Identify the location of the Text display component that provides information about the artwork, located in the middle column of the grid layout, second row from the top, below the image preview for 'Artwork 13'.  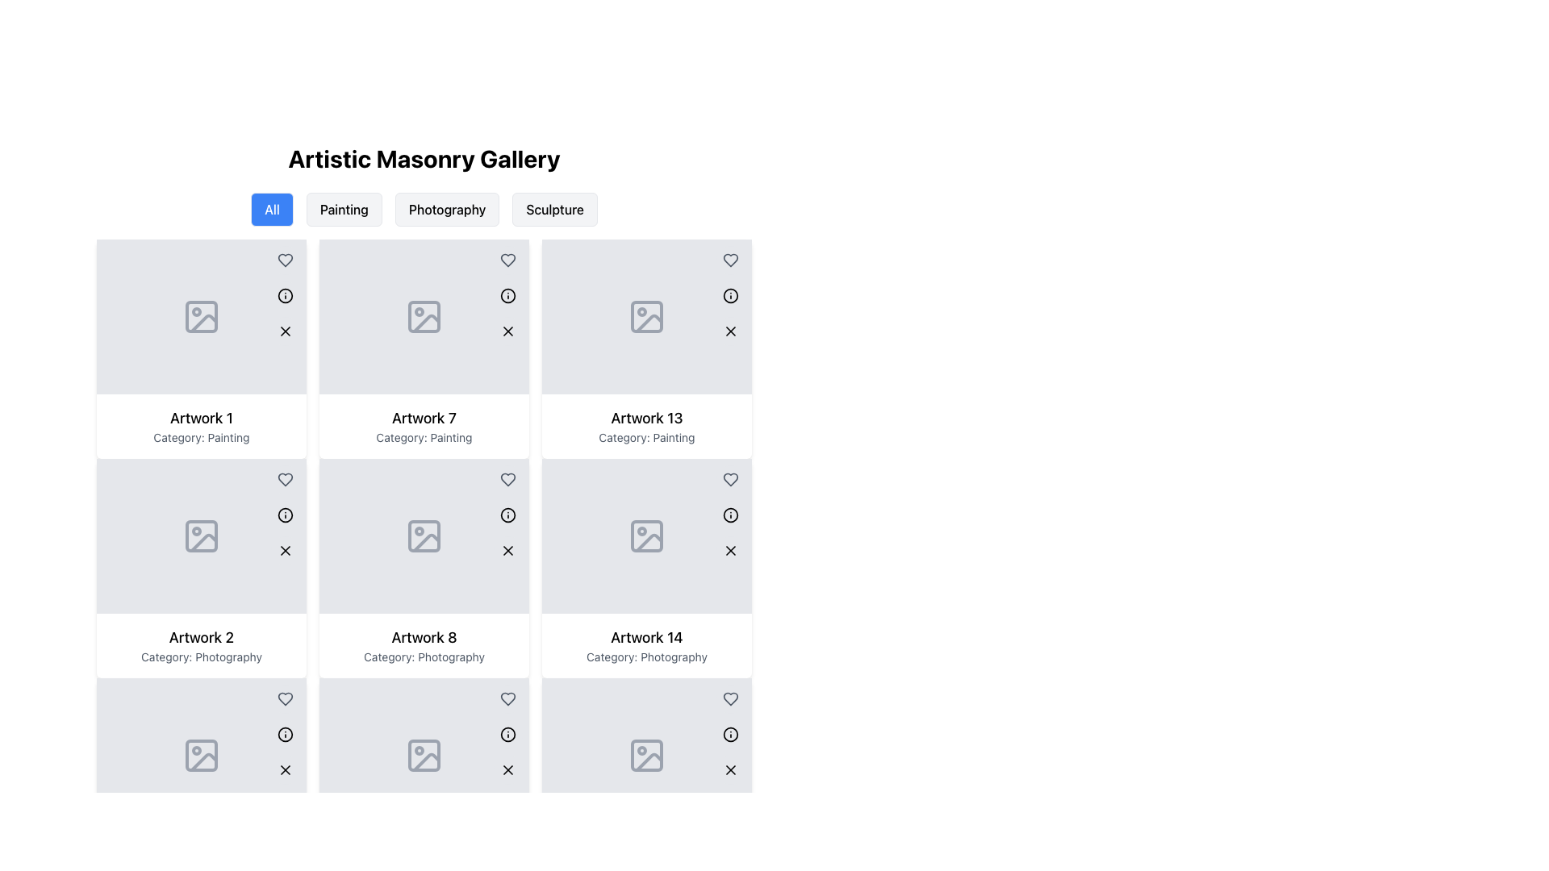
(646, 425).